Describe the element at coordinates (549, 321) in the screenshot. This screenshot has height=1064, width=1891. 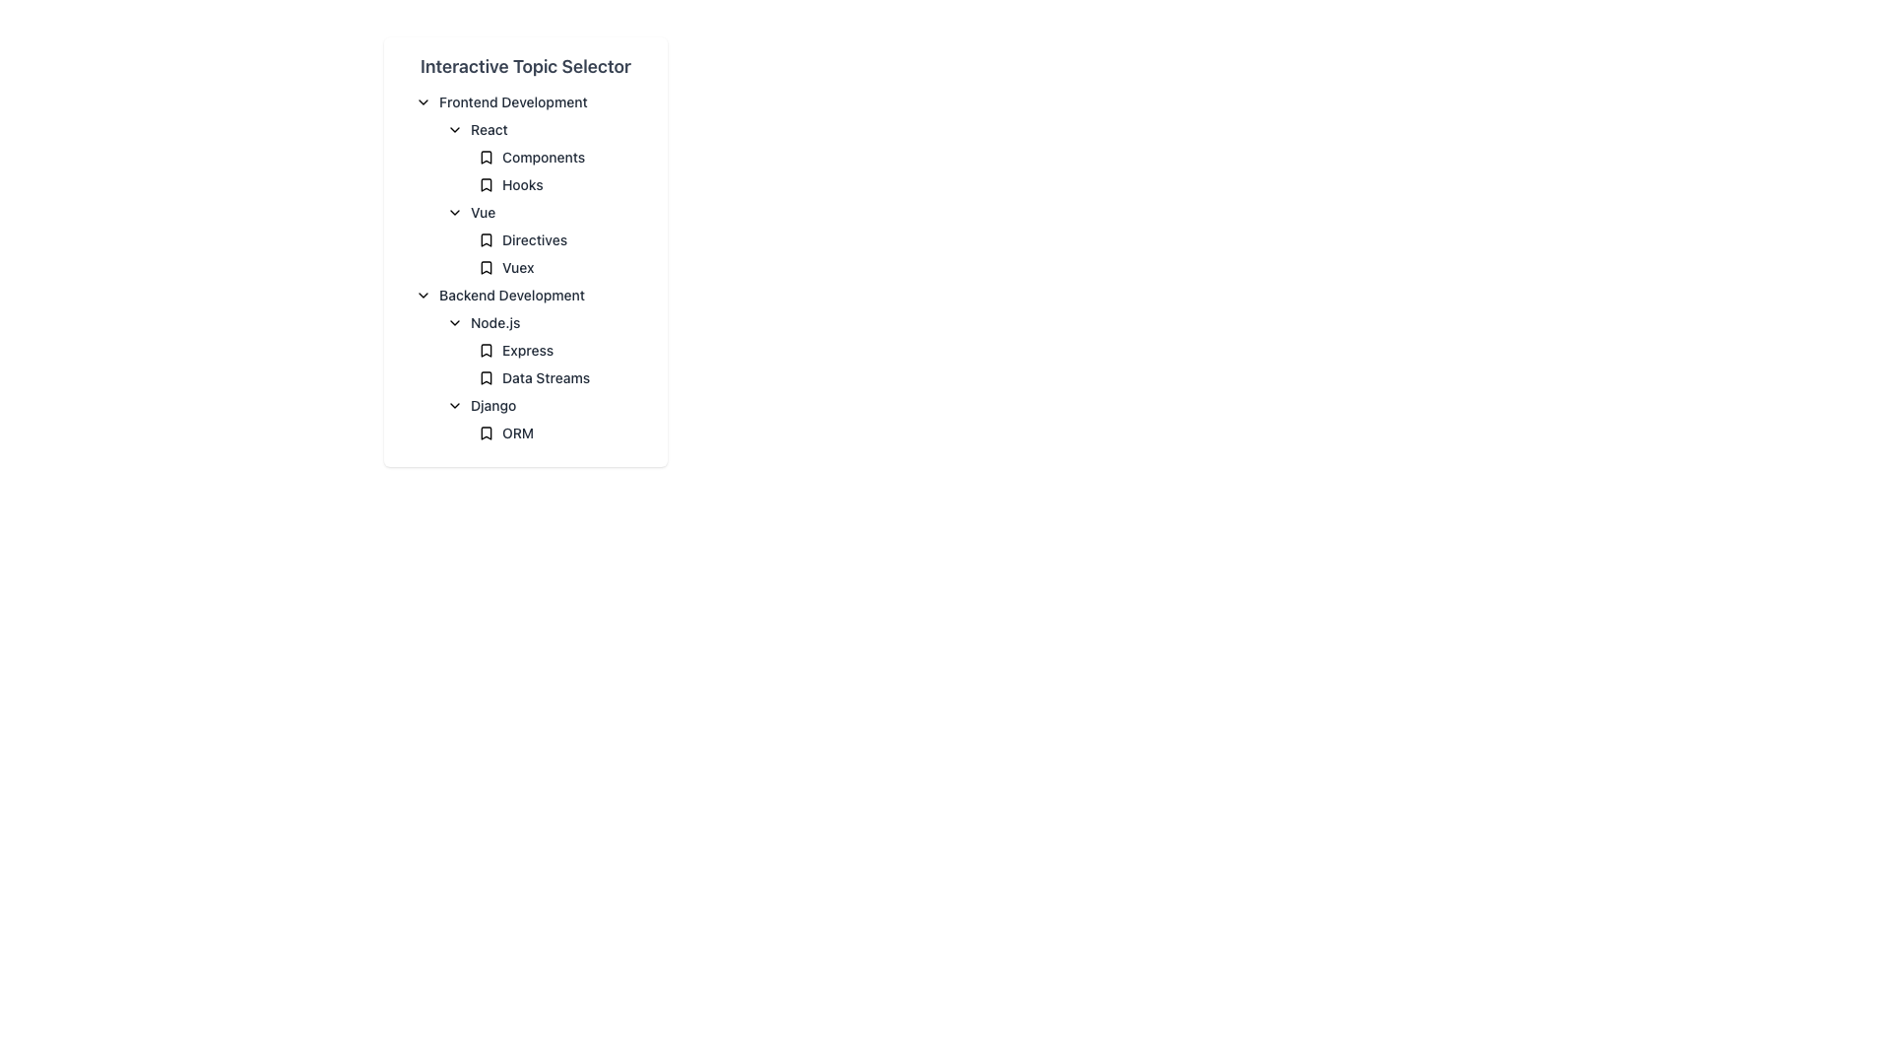
I see `the 'Node.js' expandable list item` at that location.